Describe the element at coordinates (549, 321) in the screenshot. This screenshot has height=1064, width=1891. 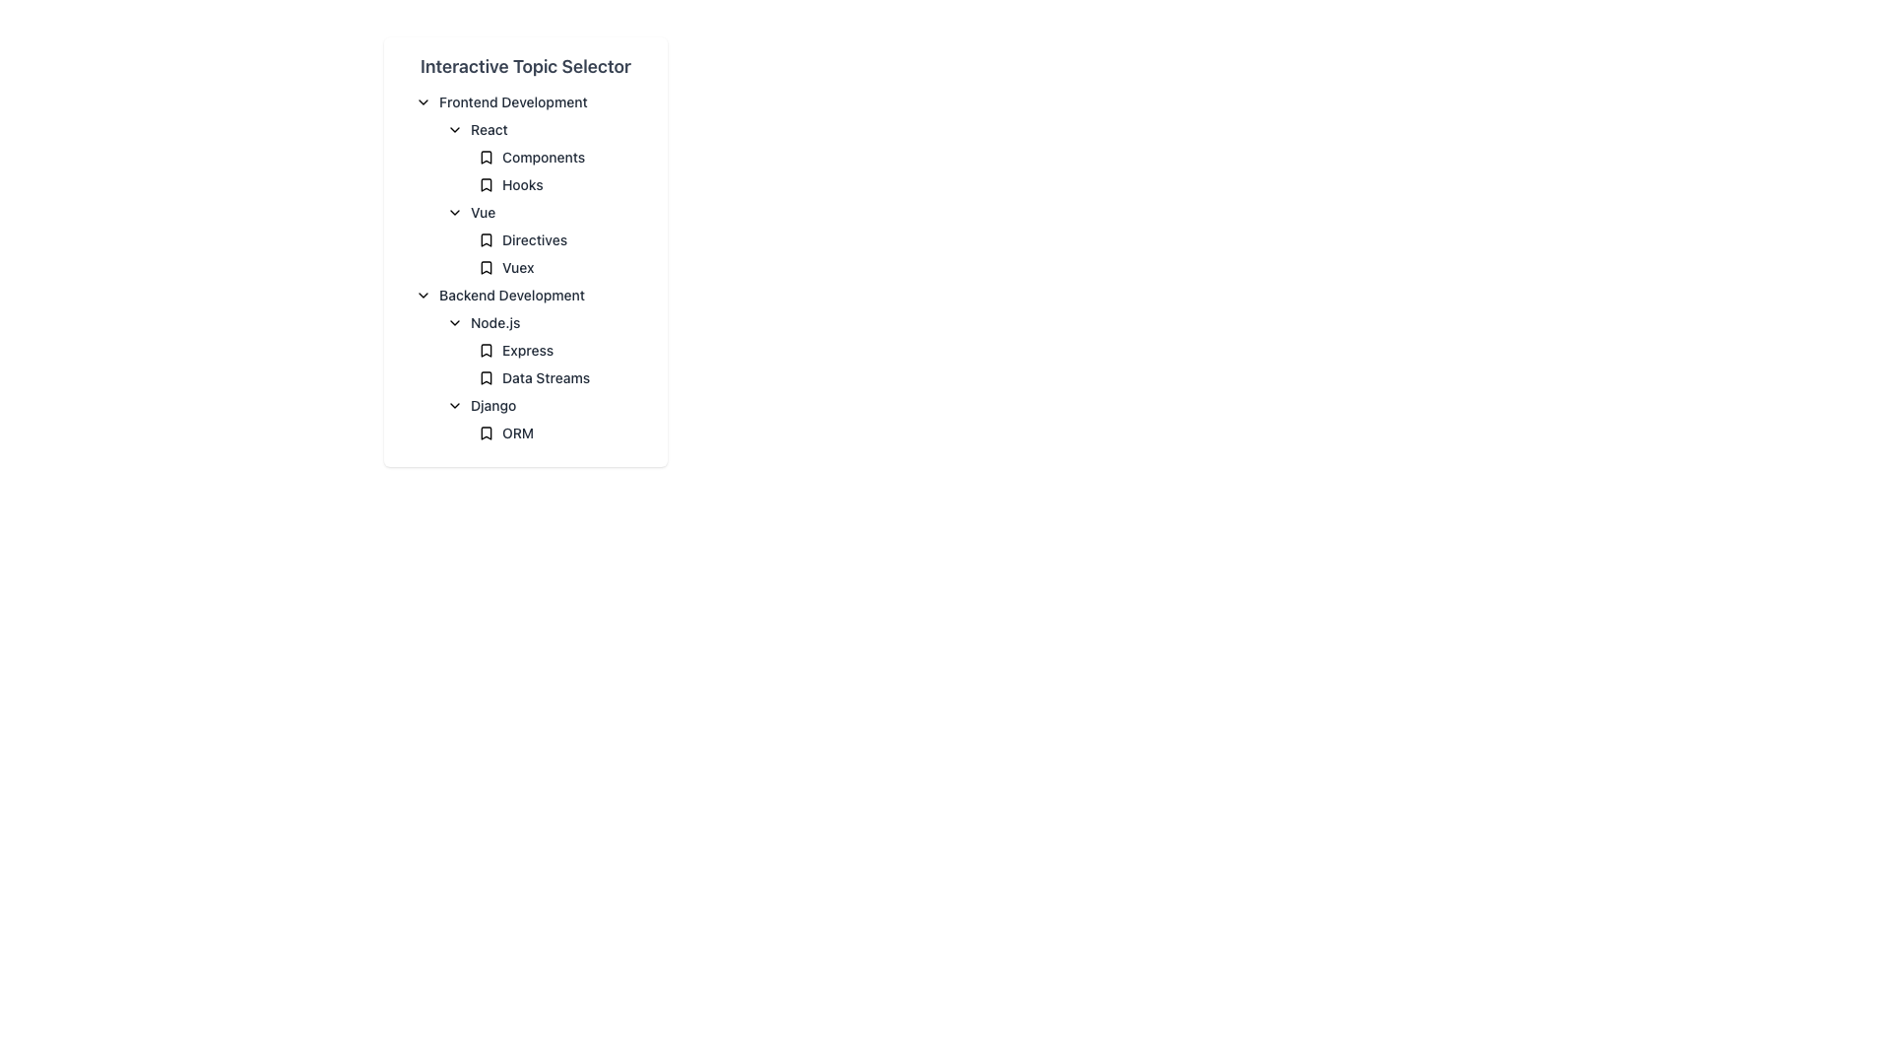
I see `the 'Node.js' expandable list item` at that location.